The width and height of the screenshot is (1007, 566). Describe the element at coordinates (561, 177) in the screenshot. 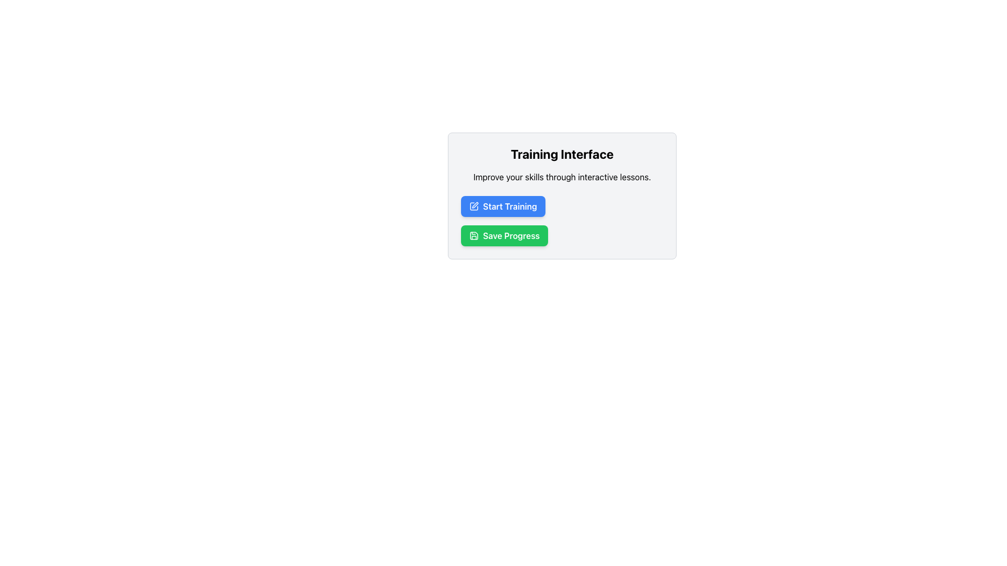

I see `text label that provides descriptive information about available training features, located below the 'Training Interface' heading and above the 'Start Training' button` at that location.